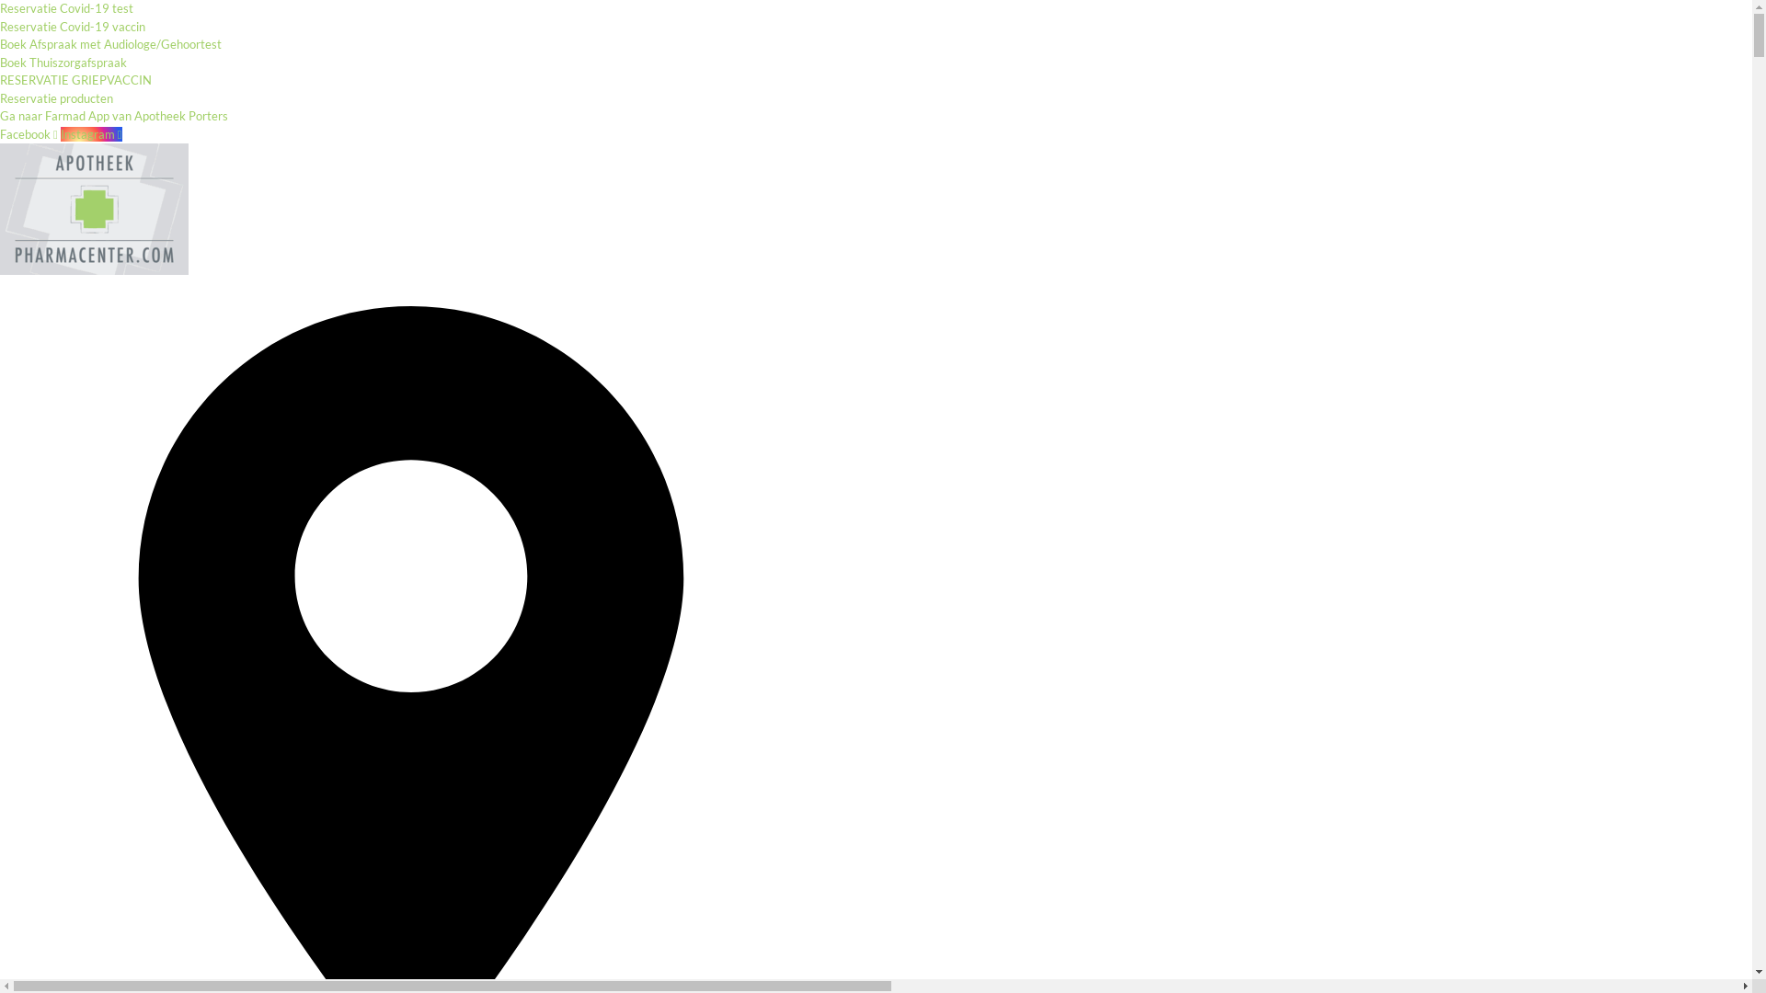 This screenshot has height=993, width=1766. What do you see at coordinates (90, 133) in the screenshot?
I see `'Instagram'` at bounding box center [90, 133].